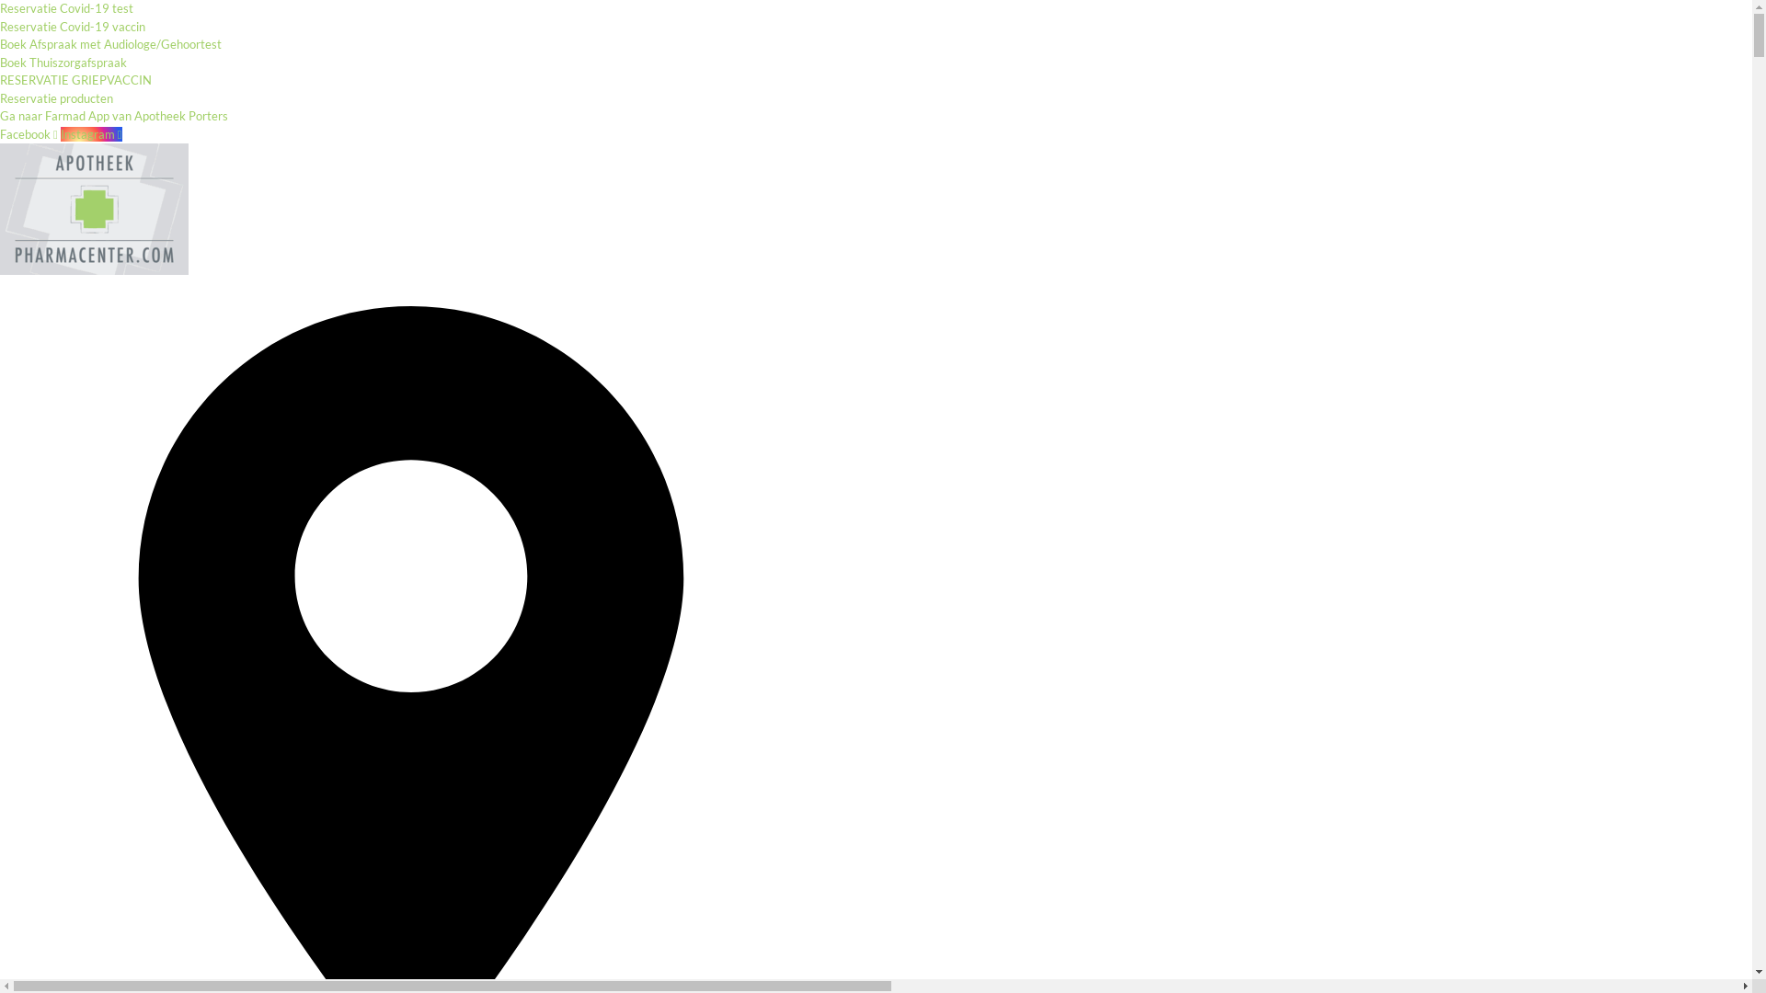 This screenshot has height=993, width=1766. What do you see at coordinates (90, 133) in the screenshot?
I see `'Instagram'` at bounding box center [90, 133].